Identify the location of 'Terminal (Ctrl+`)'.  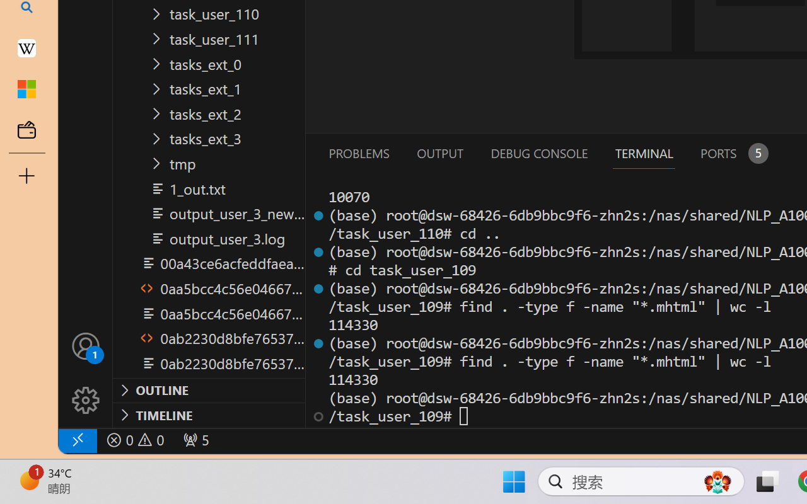
(644, 152).